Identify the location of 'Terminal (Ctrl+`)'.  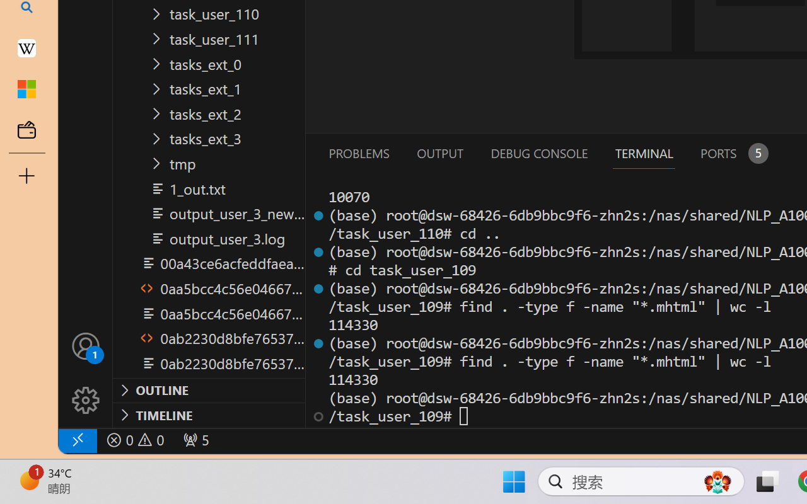
(644, 152).